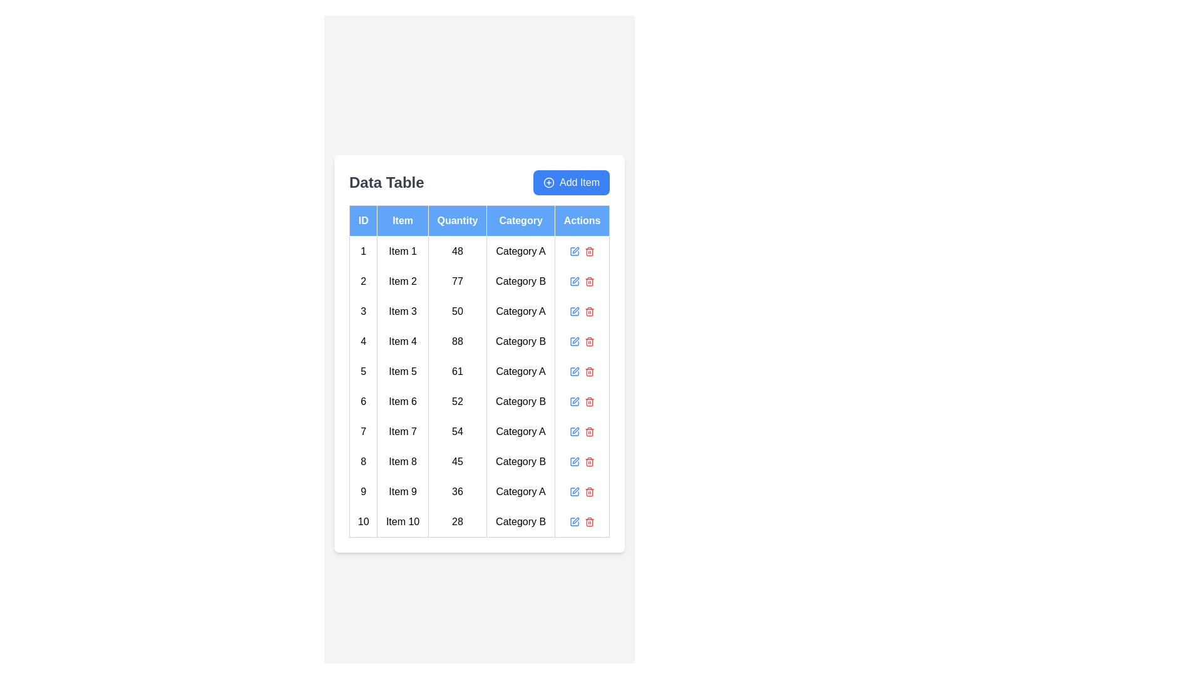  What do you see at coordinates (520, 371) in the screenshot?
I see `the text label displaying 'Category A' in the fifth row of the data table to copy or use the text` at bounding box center [520, 371].